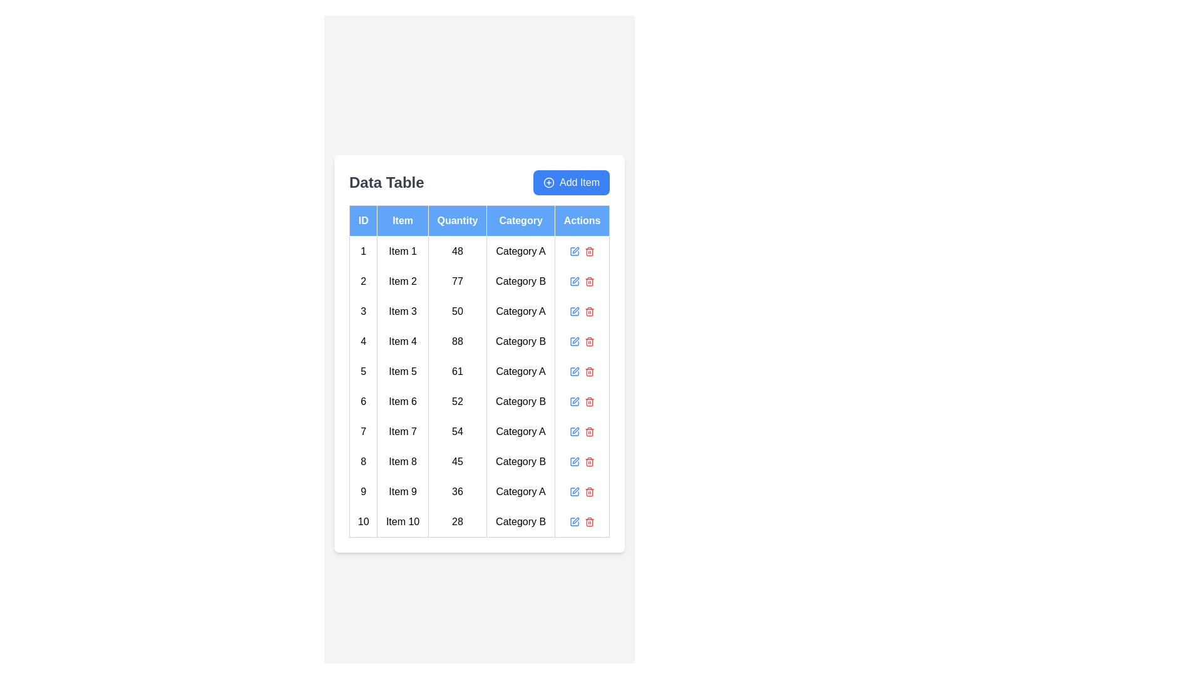  What do you see at coordinates (520, 371) in the screenshot?
I see `the text label displaying 'Category A' in the fifth row of the data table to copy or use the text` at bounding box center [520, 371].